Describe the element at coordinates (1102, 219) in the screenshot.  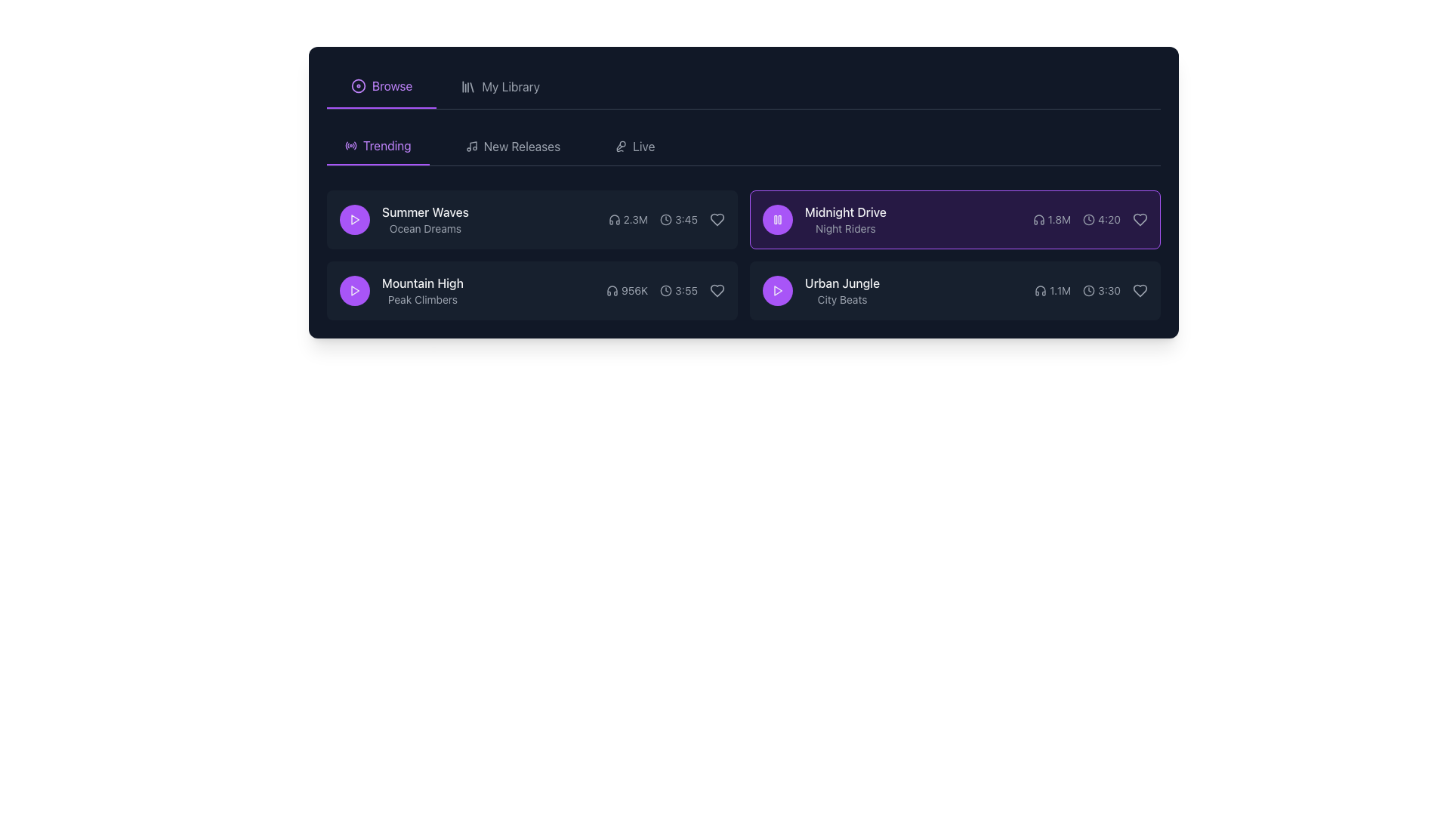
I see `the Label with a clock icon and the text '4:20' located on the right side of the 'Midnight Drive' item in the second row of the list` at that location.